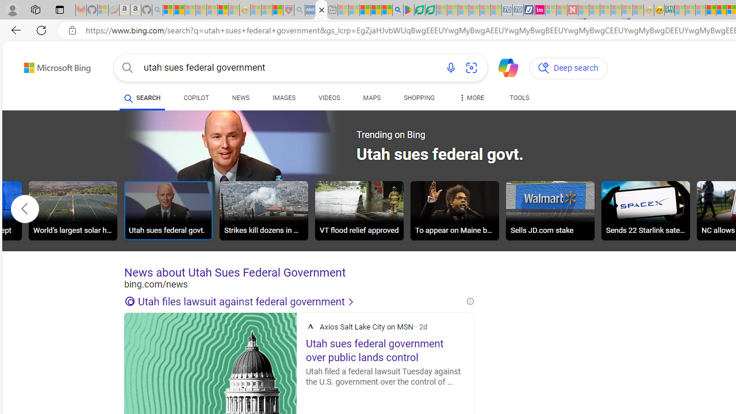  I want to click on 'MAPS', so click(371, 99).